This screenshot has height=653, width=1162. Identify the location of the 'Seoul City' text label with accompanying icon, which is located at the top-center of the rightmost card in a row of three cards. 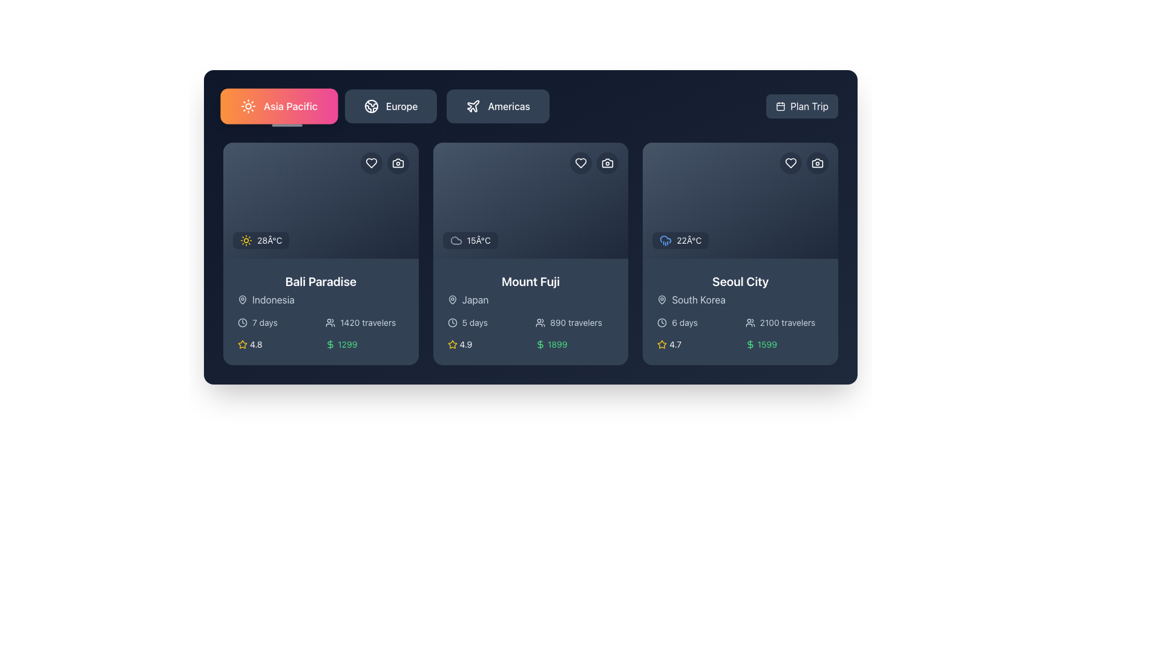
(740, 290).